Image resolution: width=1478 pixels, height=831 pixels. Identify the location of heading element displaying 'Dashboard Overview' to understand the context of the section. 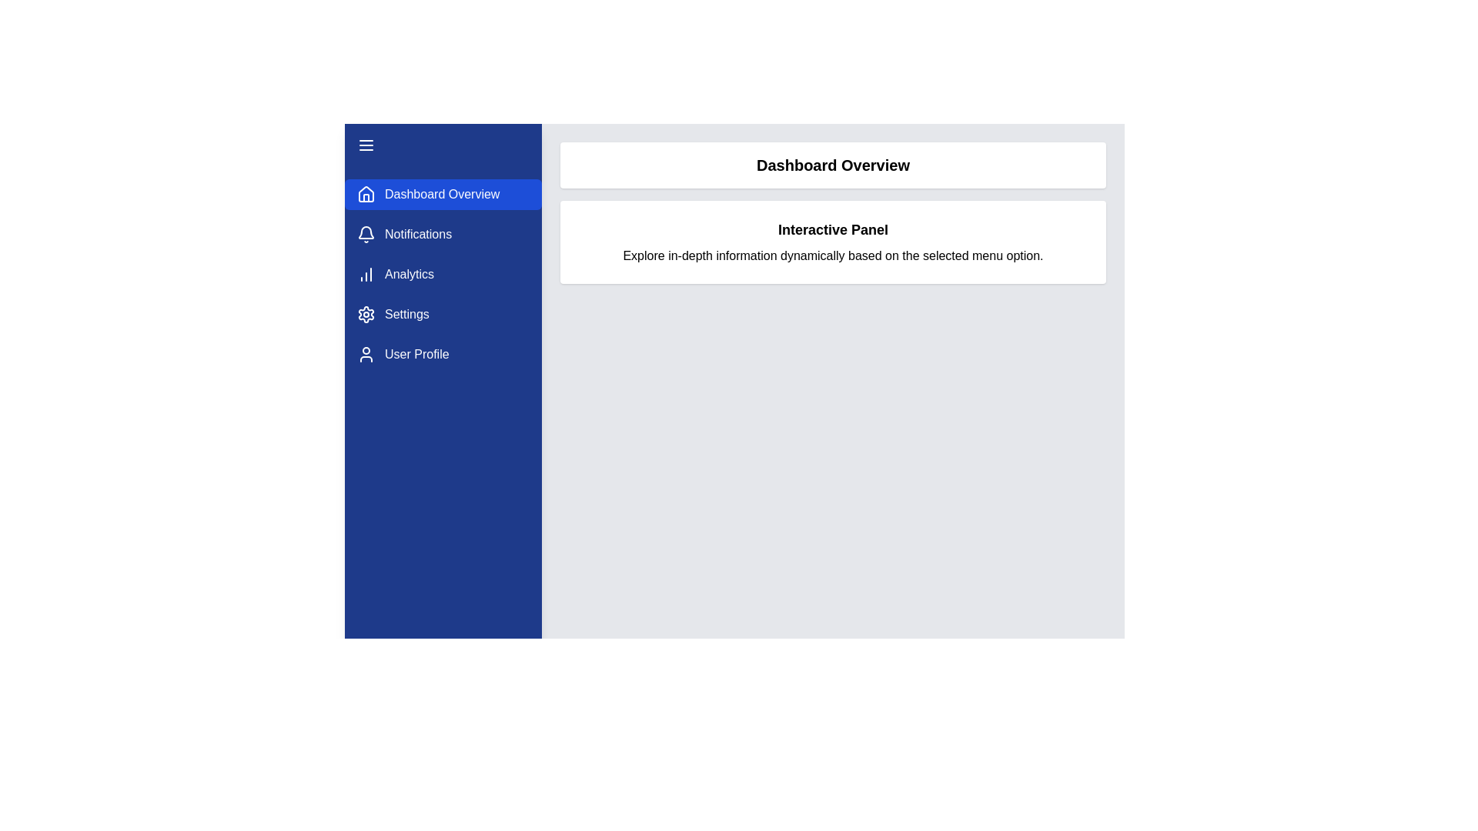
(832, 165).